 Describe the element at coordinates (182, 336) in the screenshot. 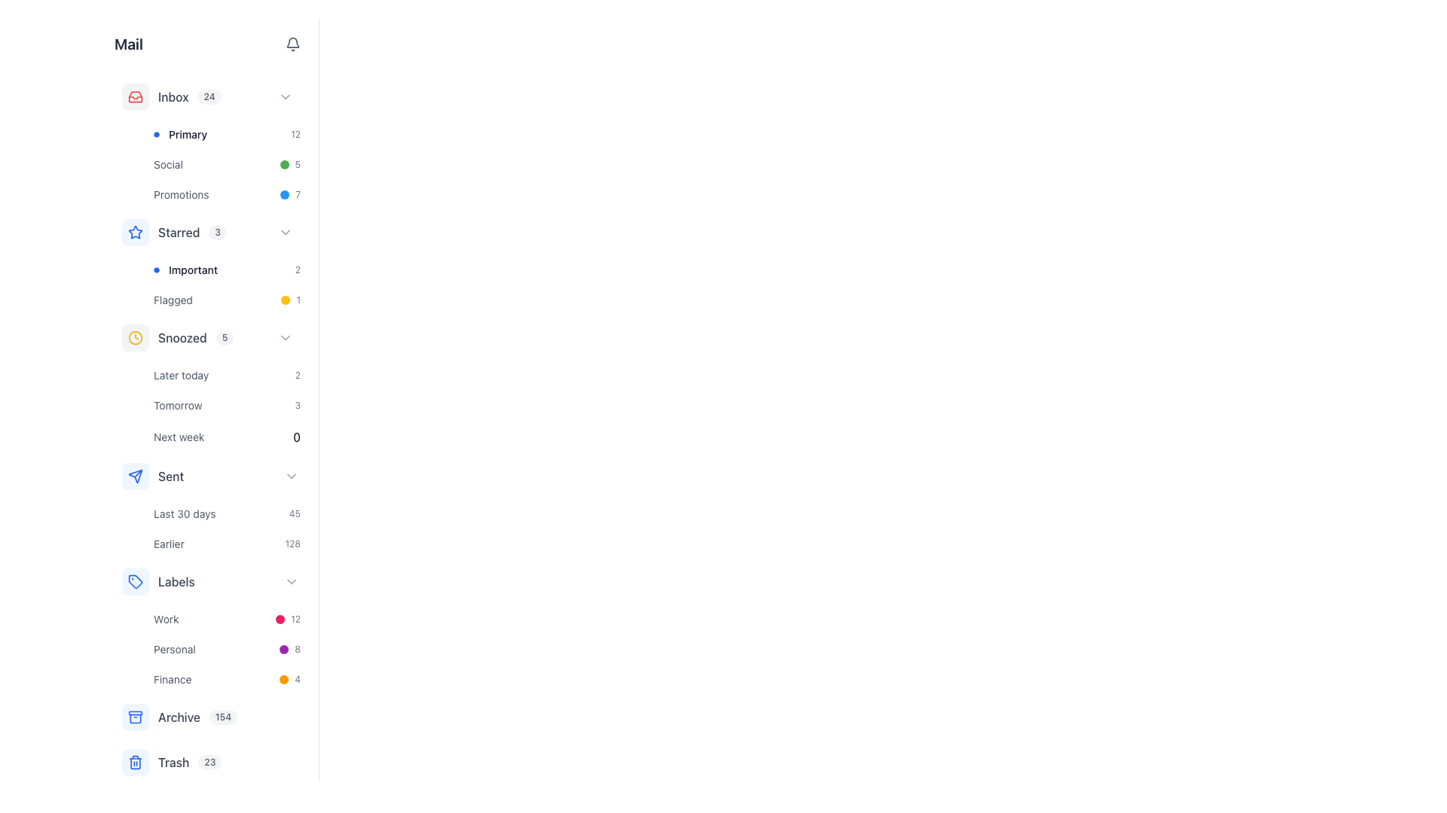

I see `label text representing the mail category or status named 'Snoozed' located in the vertical navigation panel under the 'Starred' section and above the 'Later today' label` at that location.